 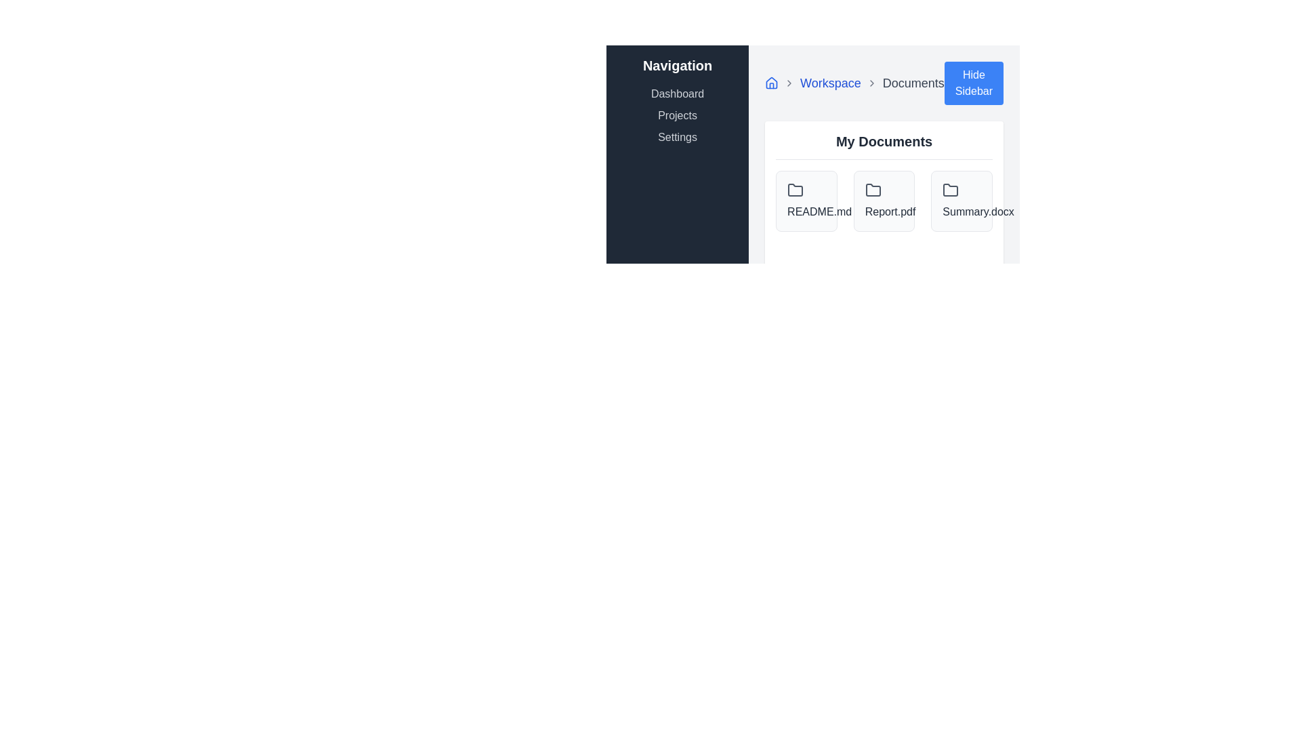 What do you see at coordinates (854, 83) in the screenshot?
I see `Breadcrumb Navigation element located in the header section of the interface for its structure` at bounding box center [854, 83].